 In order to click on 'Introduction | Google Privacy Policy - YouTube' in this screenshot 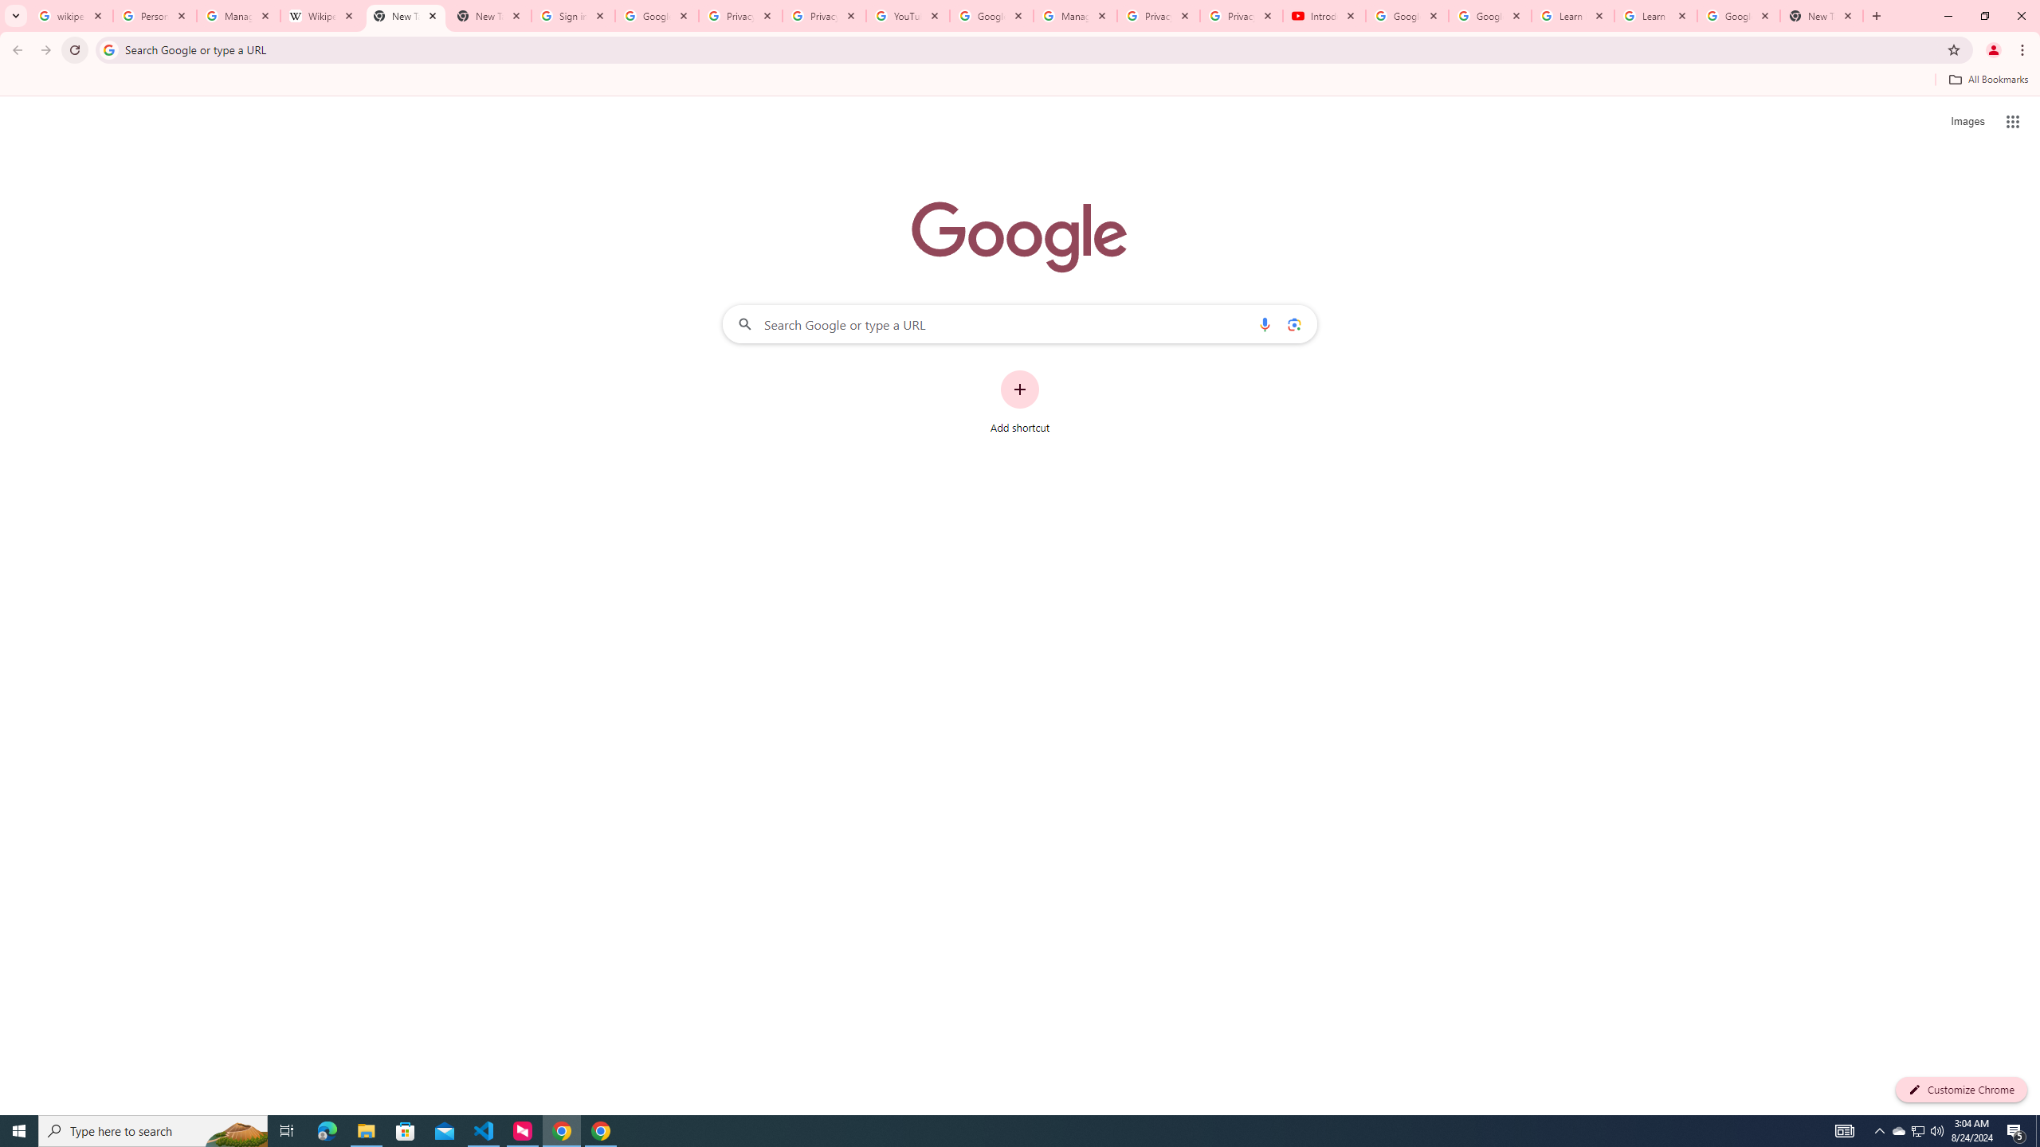, I will do `click(1323, 15)`.